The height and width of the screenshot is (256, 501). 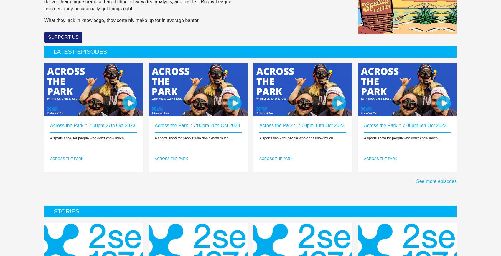 I want to click on 'Across the Park ::  7:00pm 27th Oct 2023', so click(x=93, y=125).